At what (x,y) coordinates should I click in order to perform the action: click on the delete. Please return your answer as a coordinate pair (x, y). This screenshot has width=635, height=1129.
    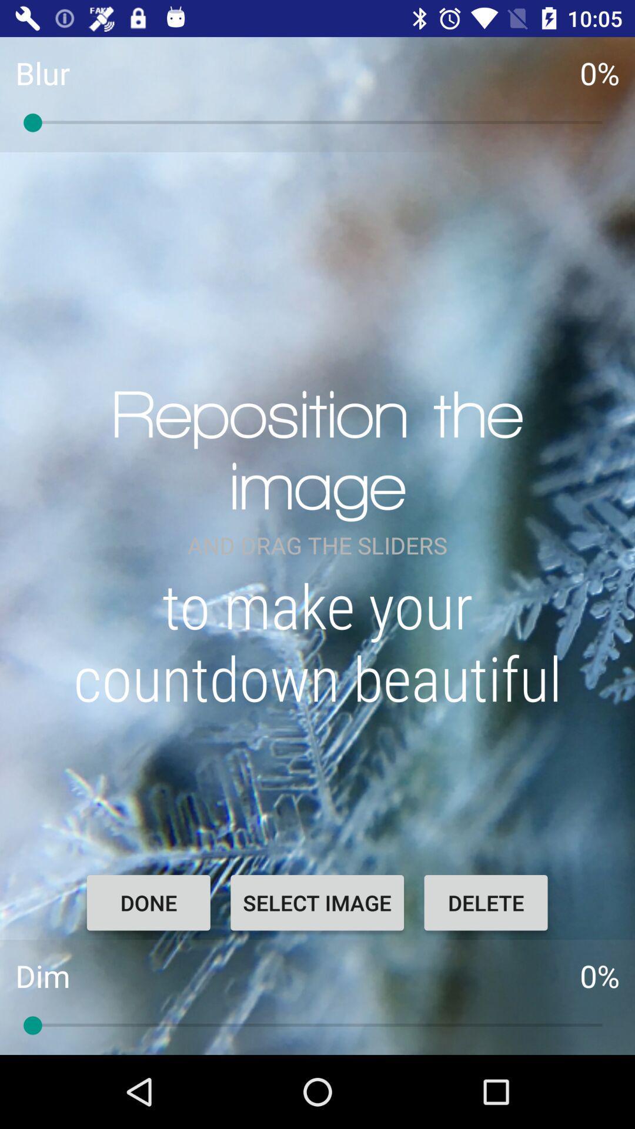
    Looking at the image, I should click on (486, 902).